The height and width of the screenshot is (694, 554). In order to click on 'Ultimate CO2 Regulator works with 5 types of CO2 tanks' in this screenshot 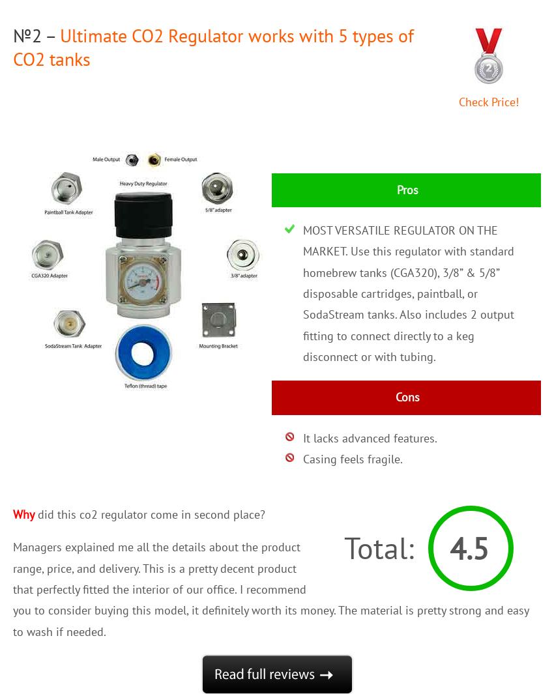, I will do `click(213, 46)`.